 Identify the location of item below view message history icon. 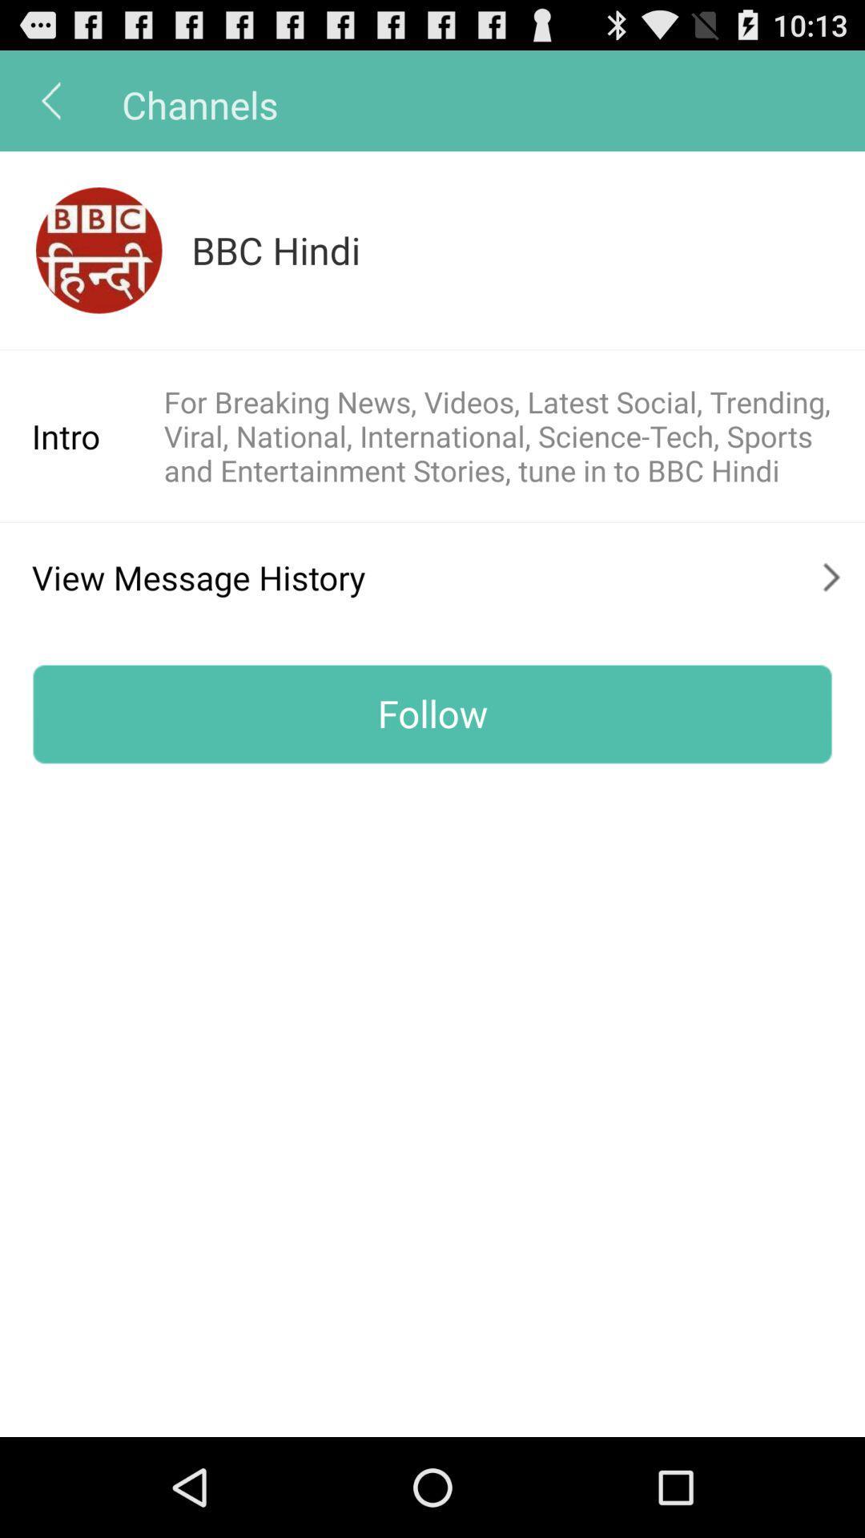
(432, 713).